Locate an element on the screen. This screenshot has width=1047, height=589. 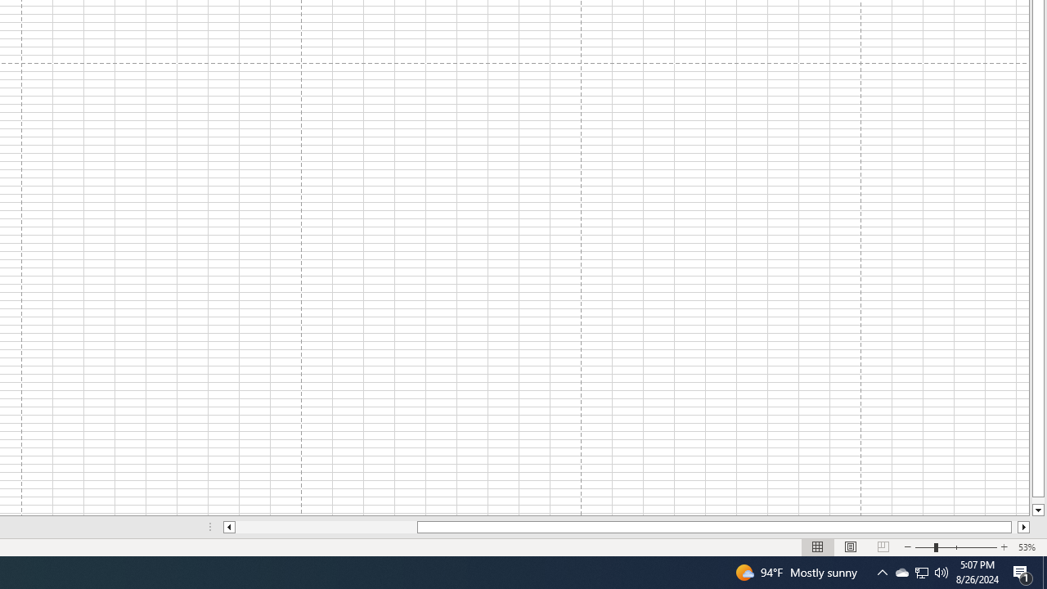
'Zoom In' is located at coordinates (1003, 547).